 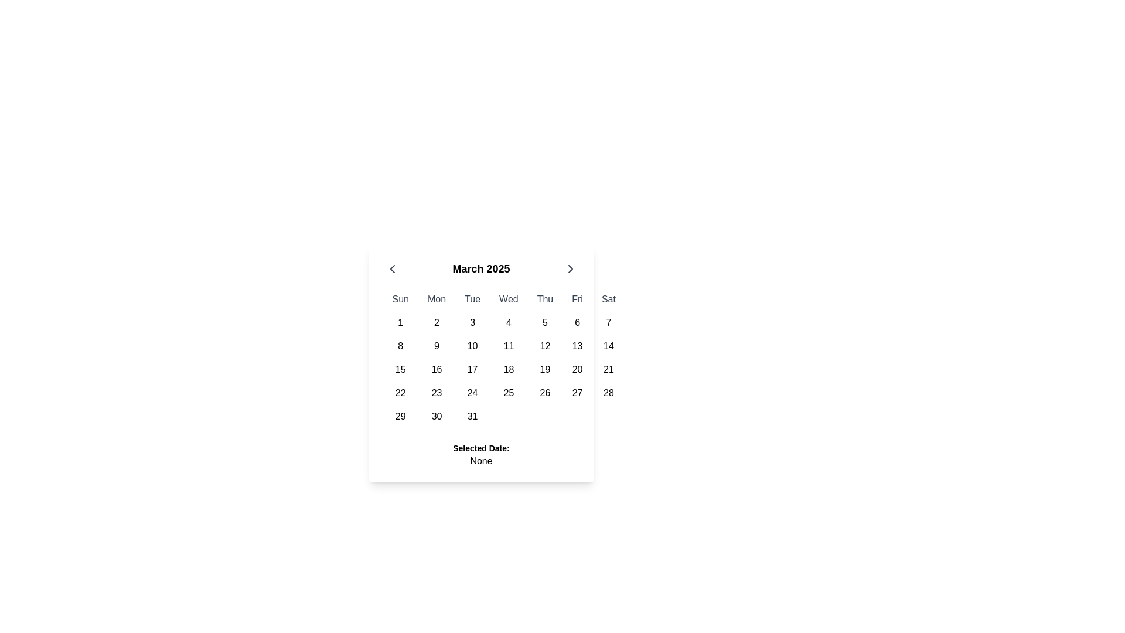 I want to click on the label for Monday in the calendar grid, which is the second element in the sequence of weekday labels, so click(x=436, y=298).